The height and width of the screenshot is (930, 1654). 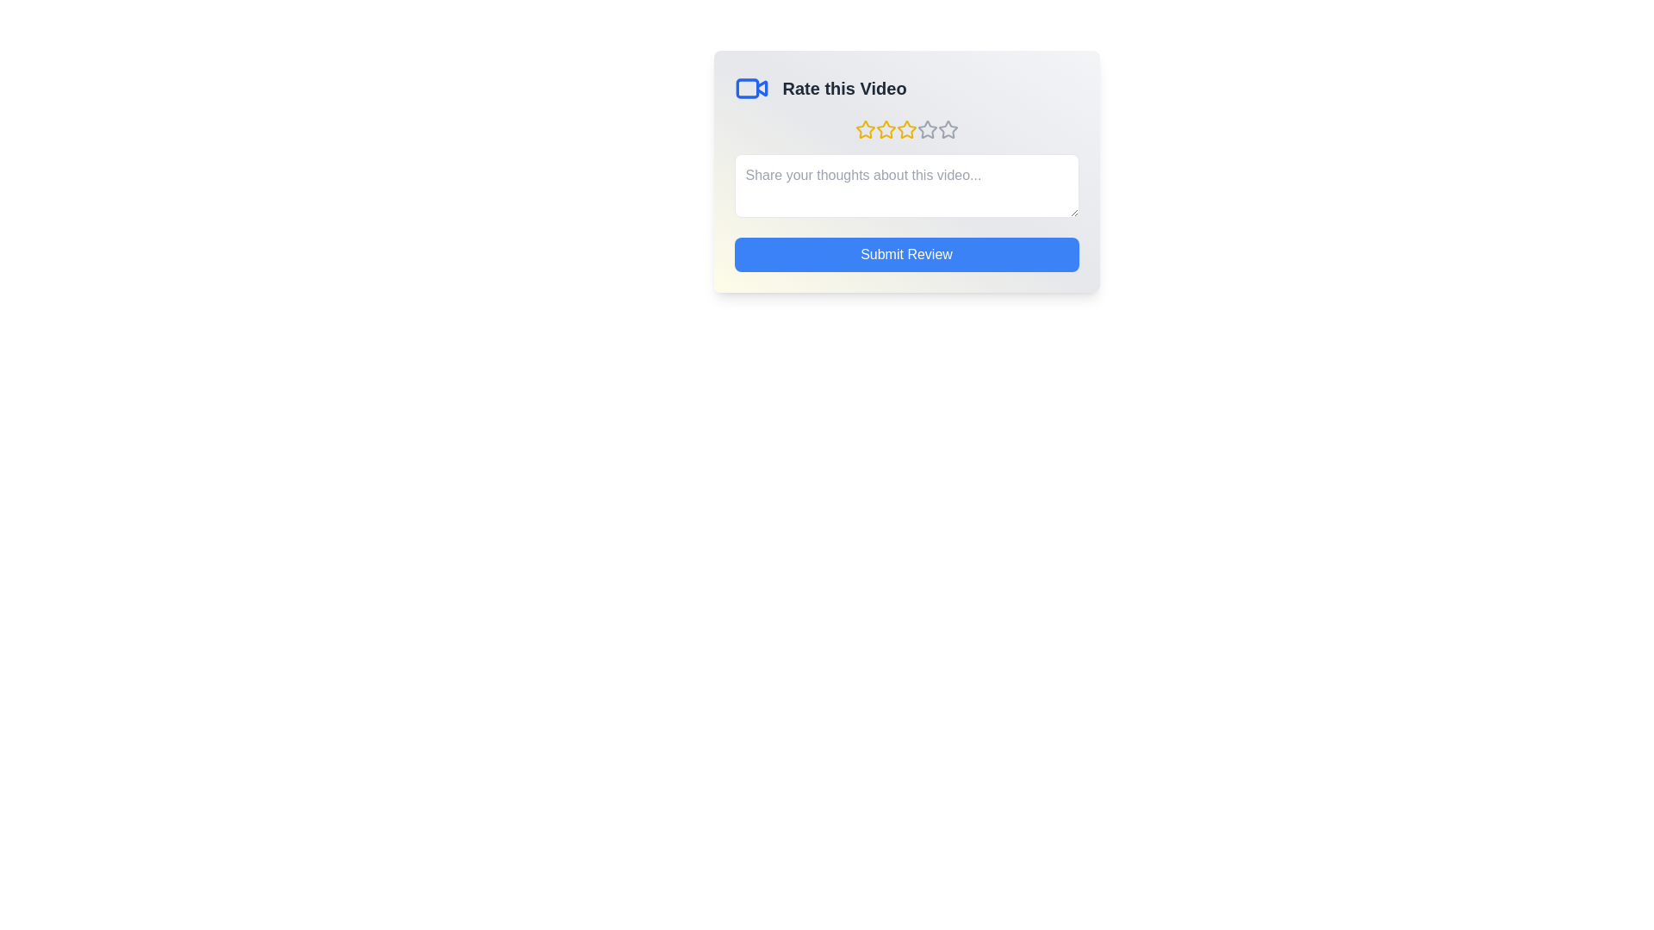 What do you see at coordinates (886, 128) in the screenshot?
I see `the star corresponding to 2 stars to preview the rating` at bounding box center [886, 128].